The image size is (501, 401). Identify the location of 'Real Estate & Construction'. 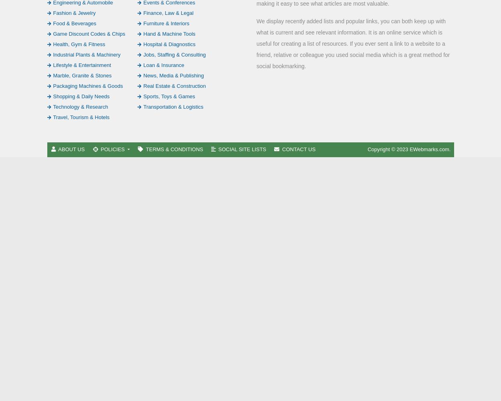
(174, 85).